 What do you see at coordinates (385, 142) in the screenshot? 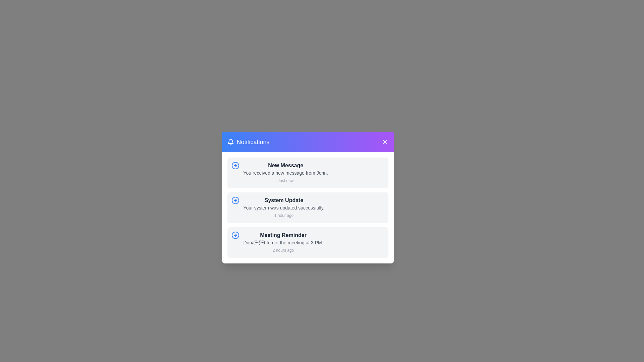
I see `the 'X' icon button located in the top-right corner of the notification popup` at bounding box center [385, 142].